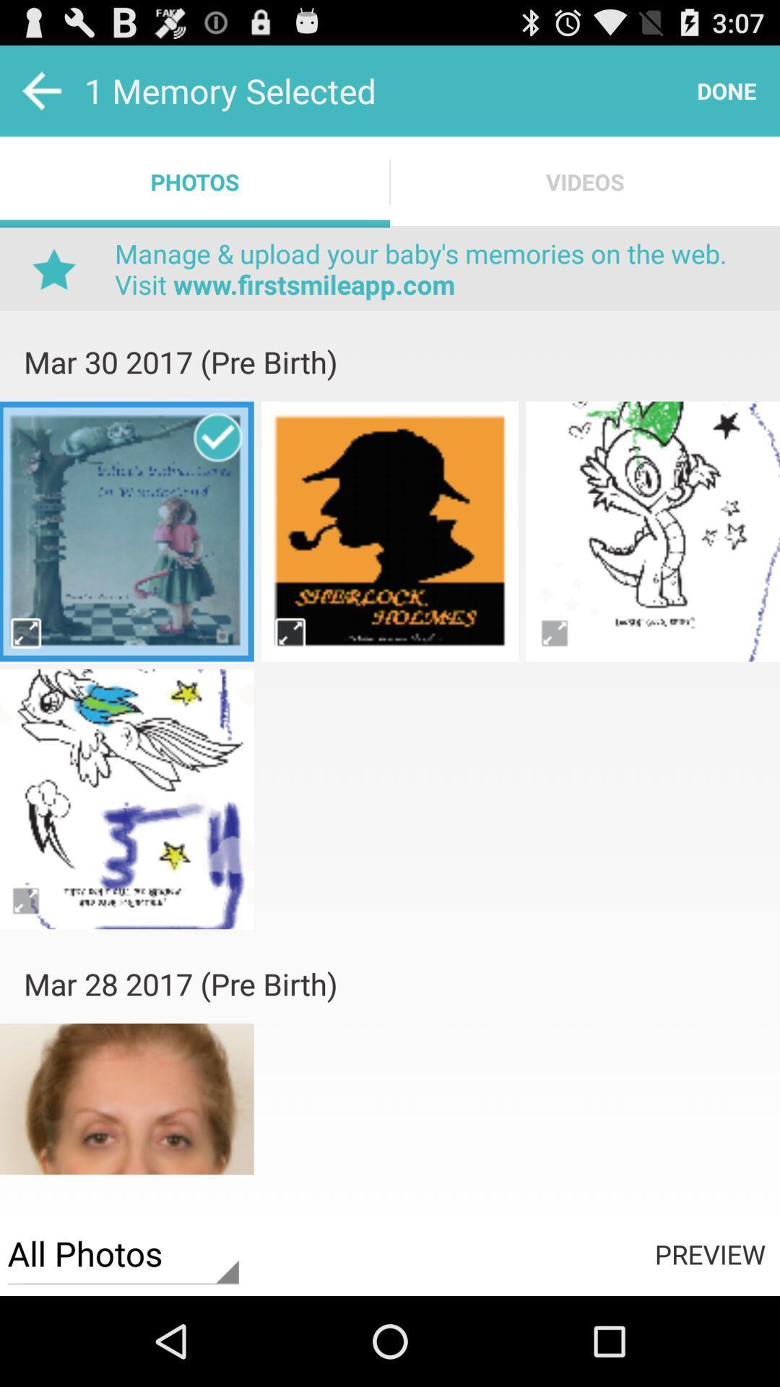 This screenshot has height=1387, width=780. What do you see at coordinates (653, 530) in the screenshot?
I see `bird pega` at bounding box center [653, 530].